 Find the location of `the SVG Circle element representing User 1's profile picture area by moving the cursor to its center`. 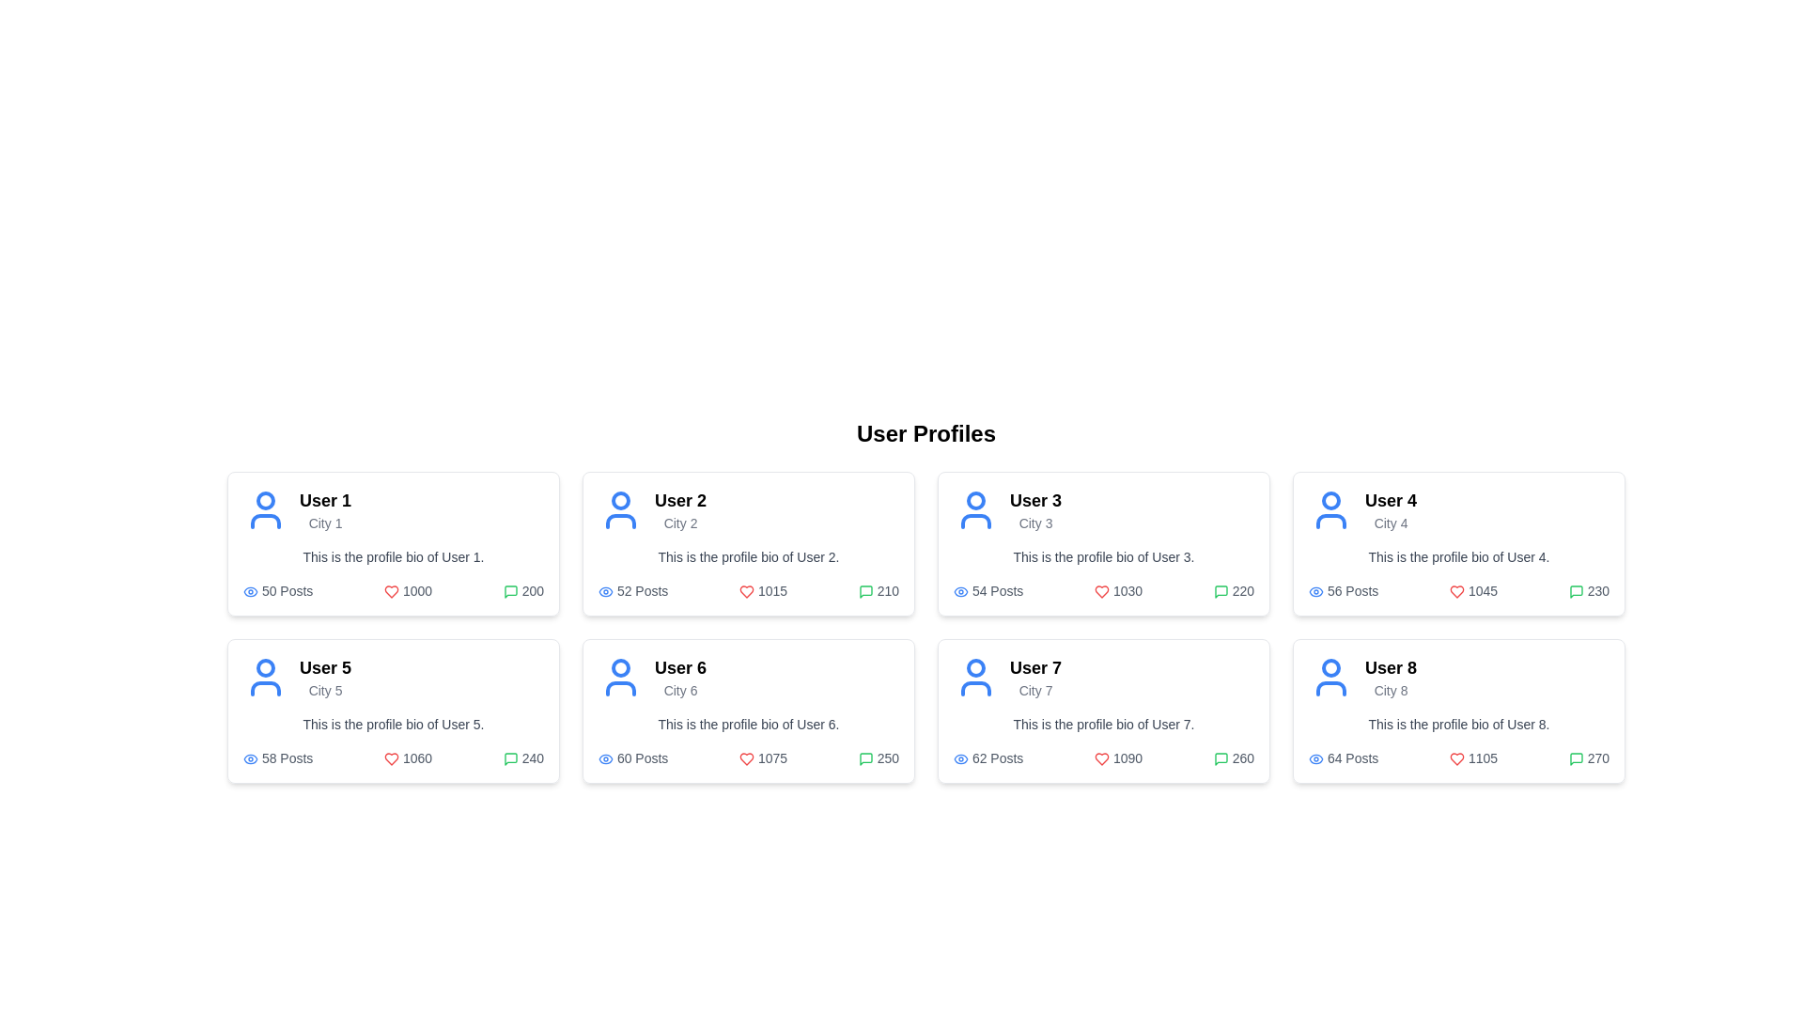

the SVG Circle element representing User 1's profile picture area by moving the cursor to its center is located at coordinates (265, 499).